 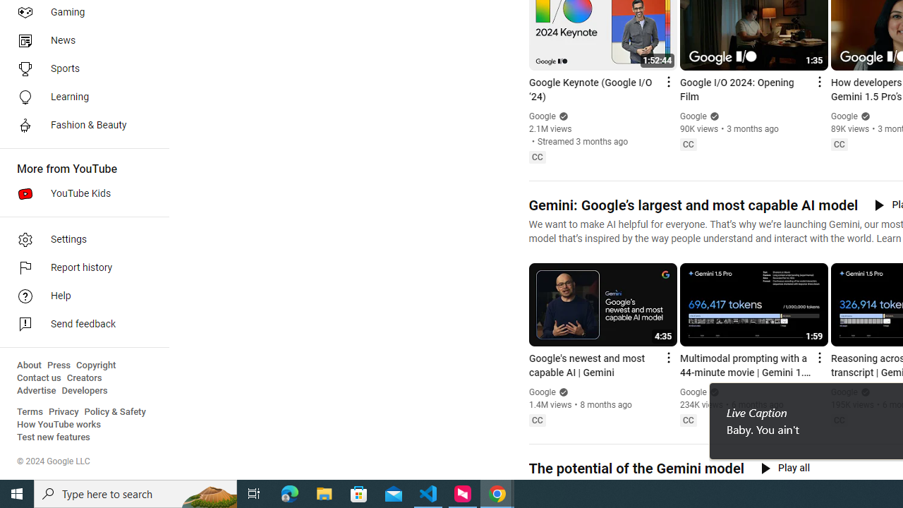 What do you see at coordinates (79, 194) in the screenshot?
I see `'YouTube Kids'` at bounding box center [79, 194].